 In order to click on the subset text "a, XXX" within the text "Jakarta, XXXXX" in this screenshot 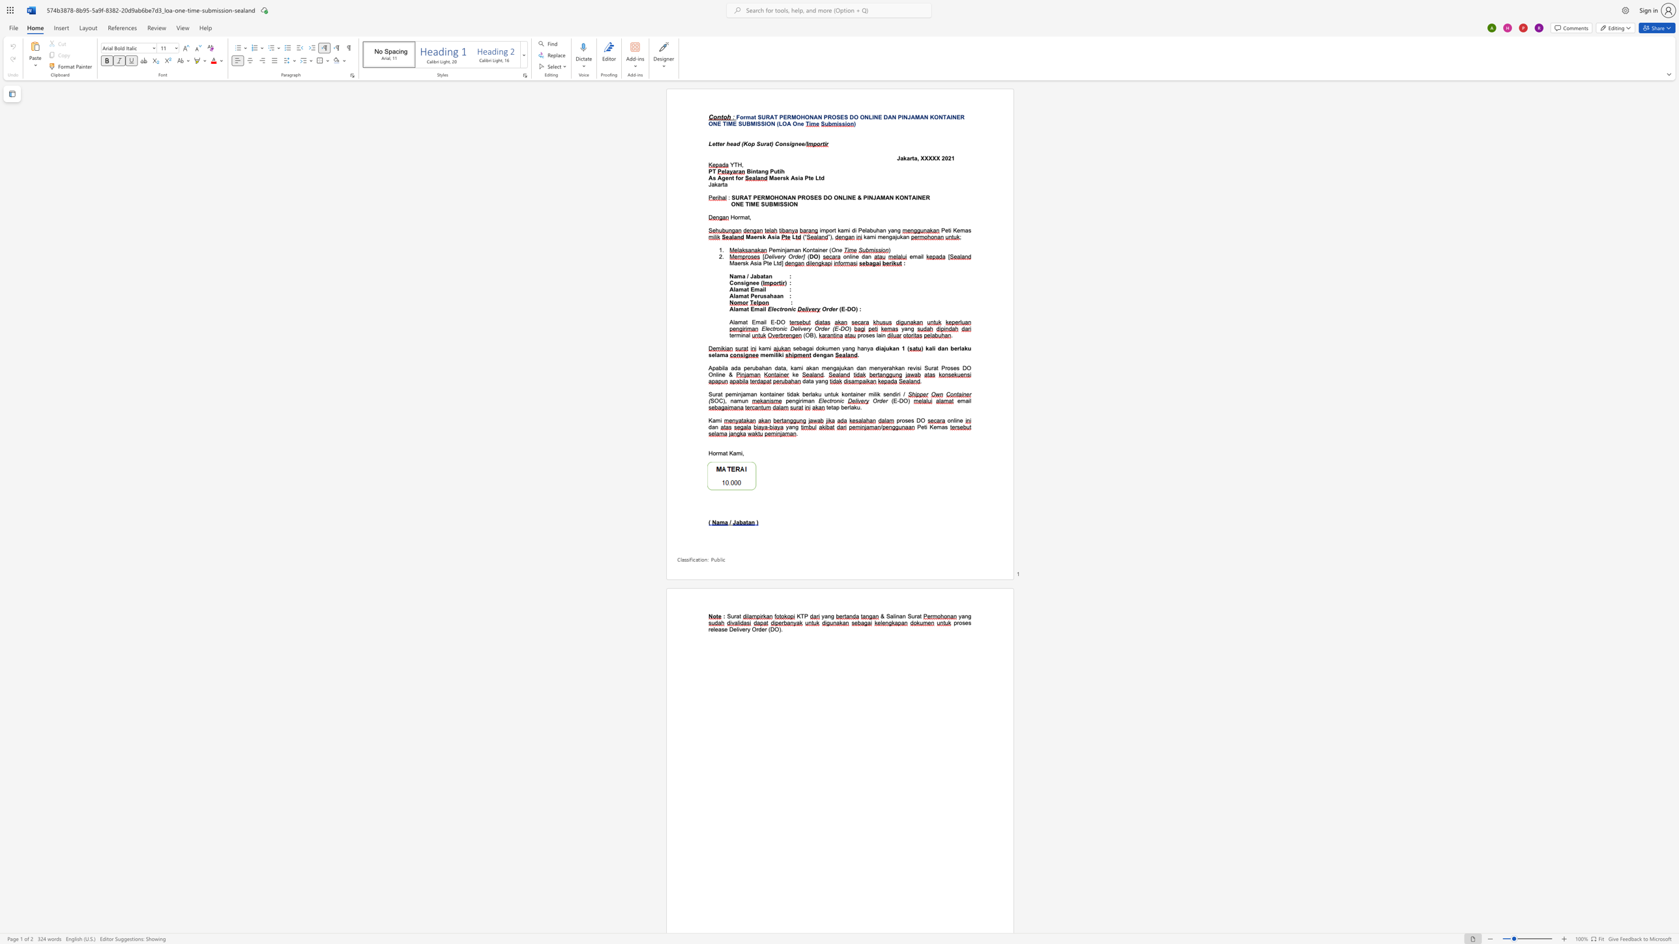, I will do `click(913, 158)`.